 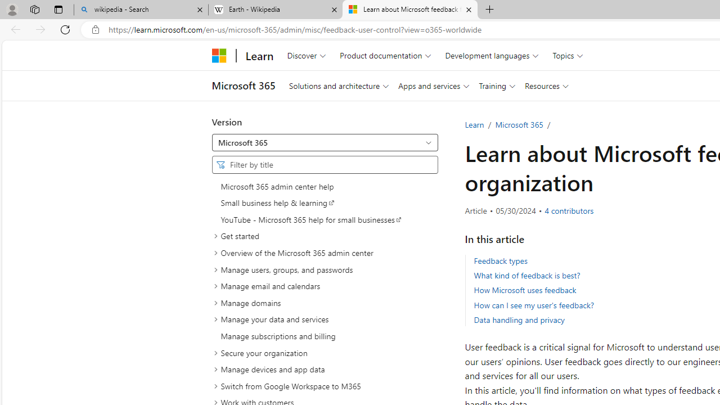 What do you see at coordinates (95, 29) in the screenshot?
I see `'View site information'` at bounding box center [95, 29].